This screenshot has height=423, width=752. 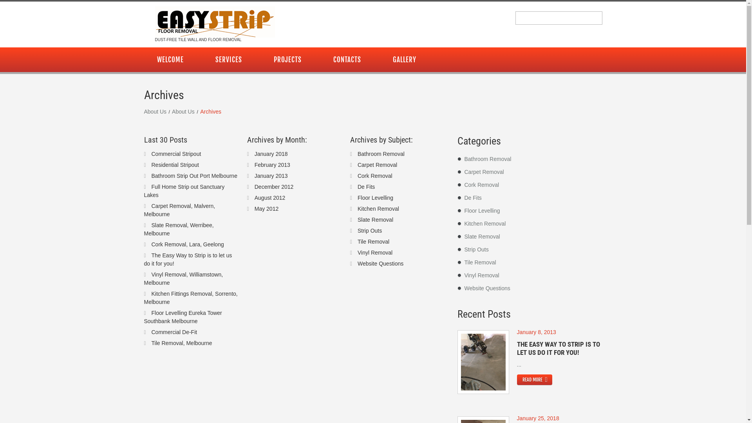 What do you see at coordinates (183, 278) in the screenshot?
I see `'Vinyl Removal, Williamstown, Melbourne'` at bounding box center [183, 278].